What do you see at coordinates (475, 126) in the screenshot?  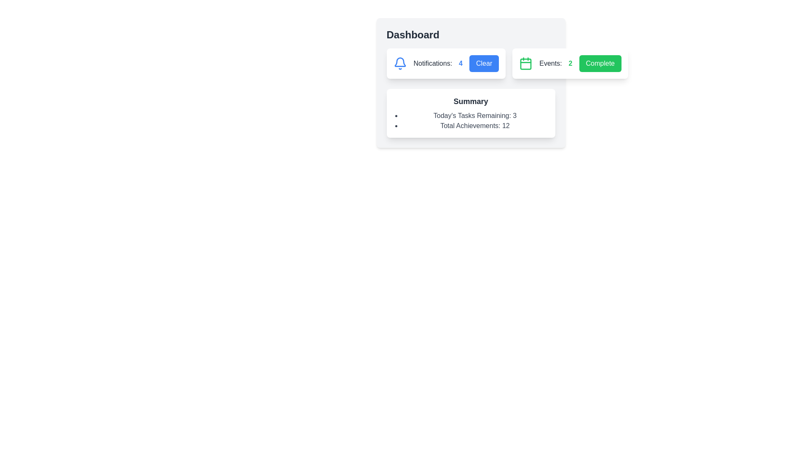 I see `the text label displaying 'Total Achievements: 12' located under the 'Summary' section on the dashboard` at bounding box center [475, 126].